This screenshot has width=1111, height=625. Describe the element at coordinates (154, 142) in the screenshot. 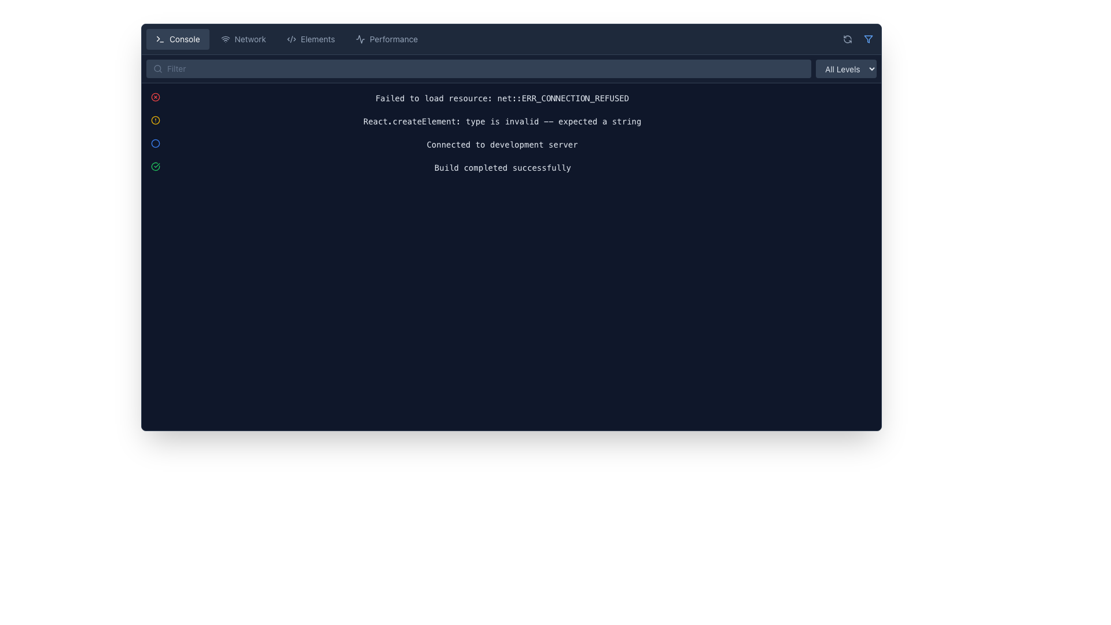

I see `the decorative or status indicator icon located to the left of the text 'Connected to development server' and the time '12:01:20'` at that location.